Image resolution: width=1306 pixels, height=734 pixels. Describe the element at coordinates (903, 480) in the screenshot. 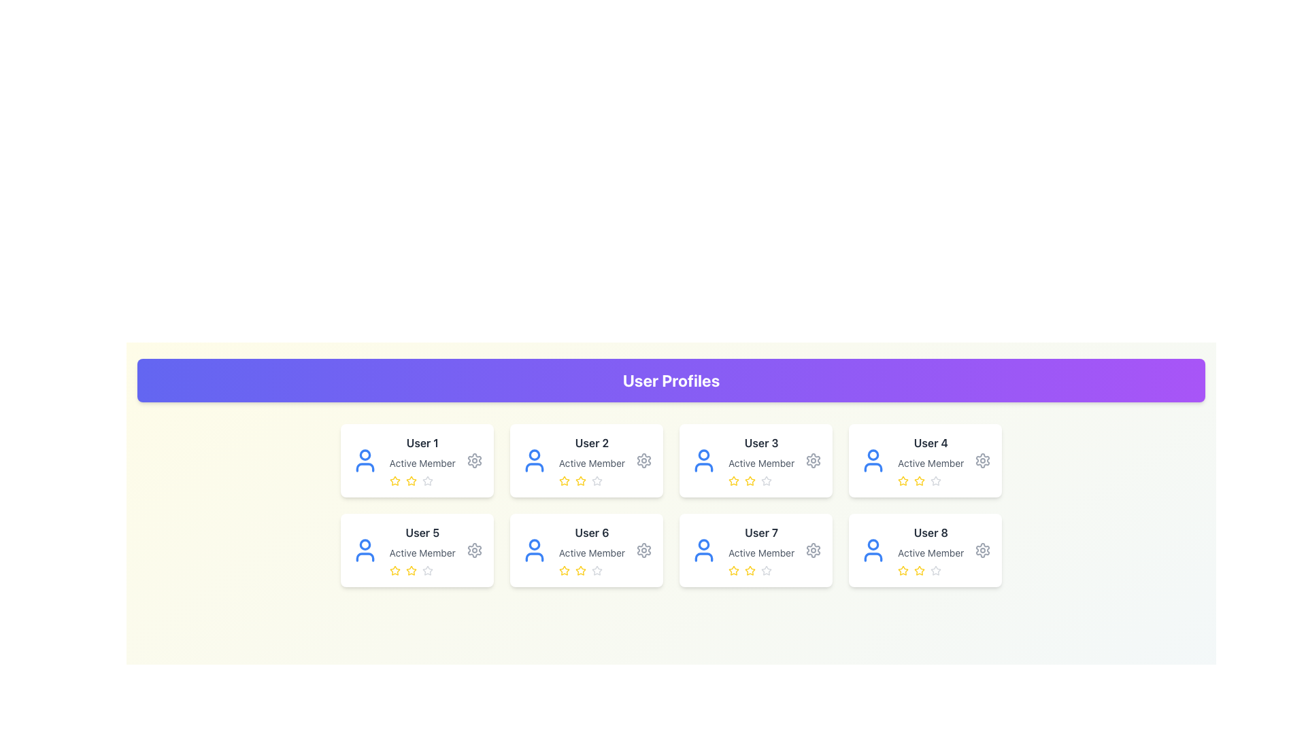

I see `the active yellow star-shaped icon in the rating system under 'User 4' profile card` at that location.